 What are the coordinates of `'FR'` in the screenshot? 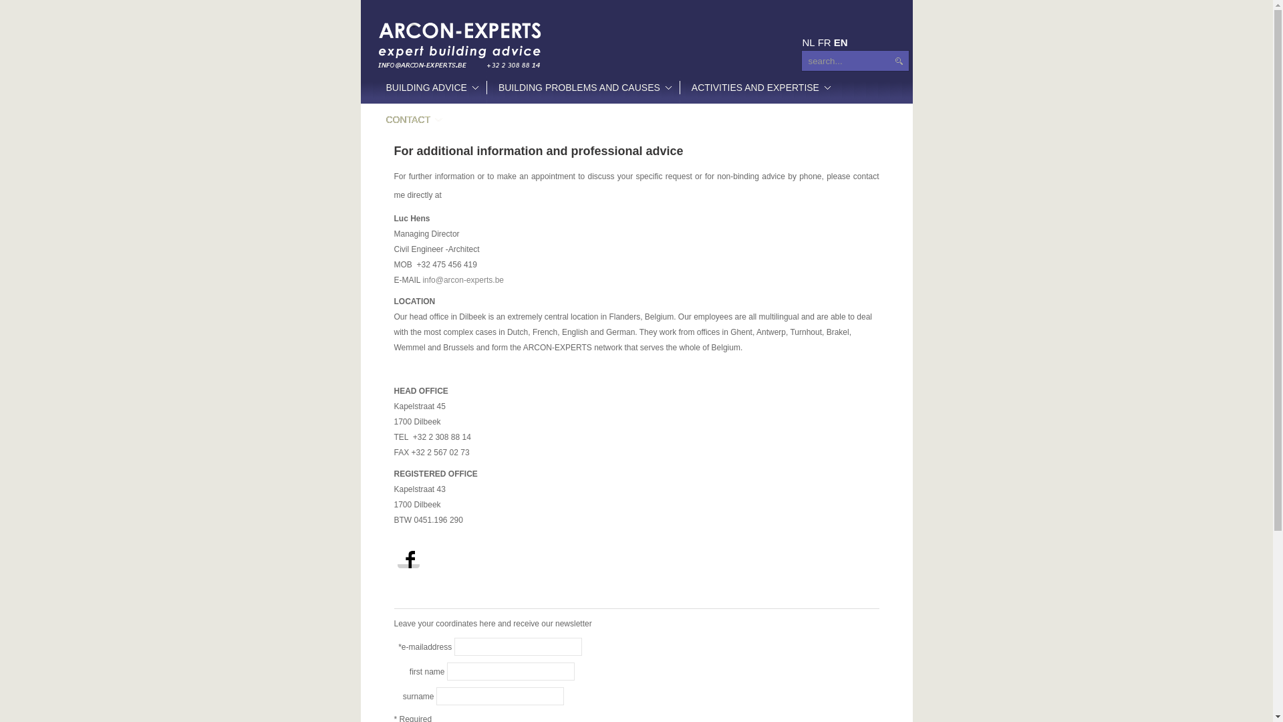 It's located at (823, 41).